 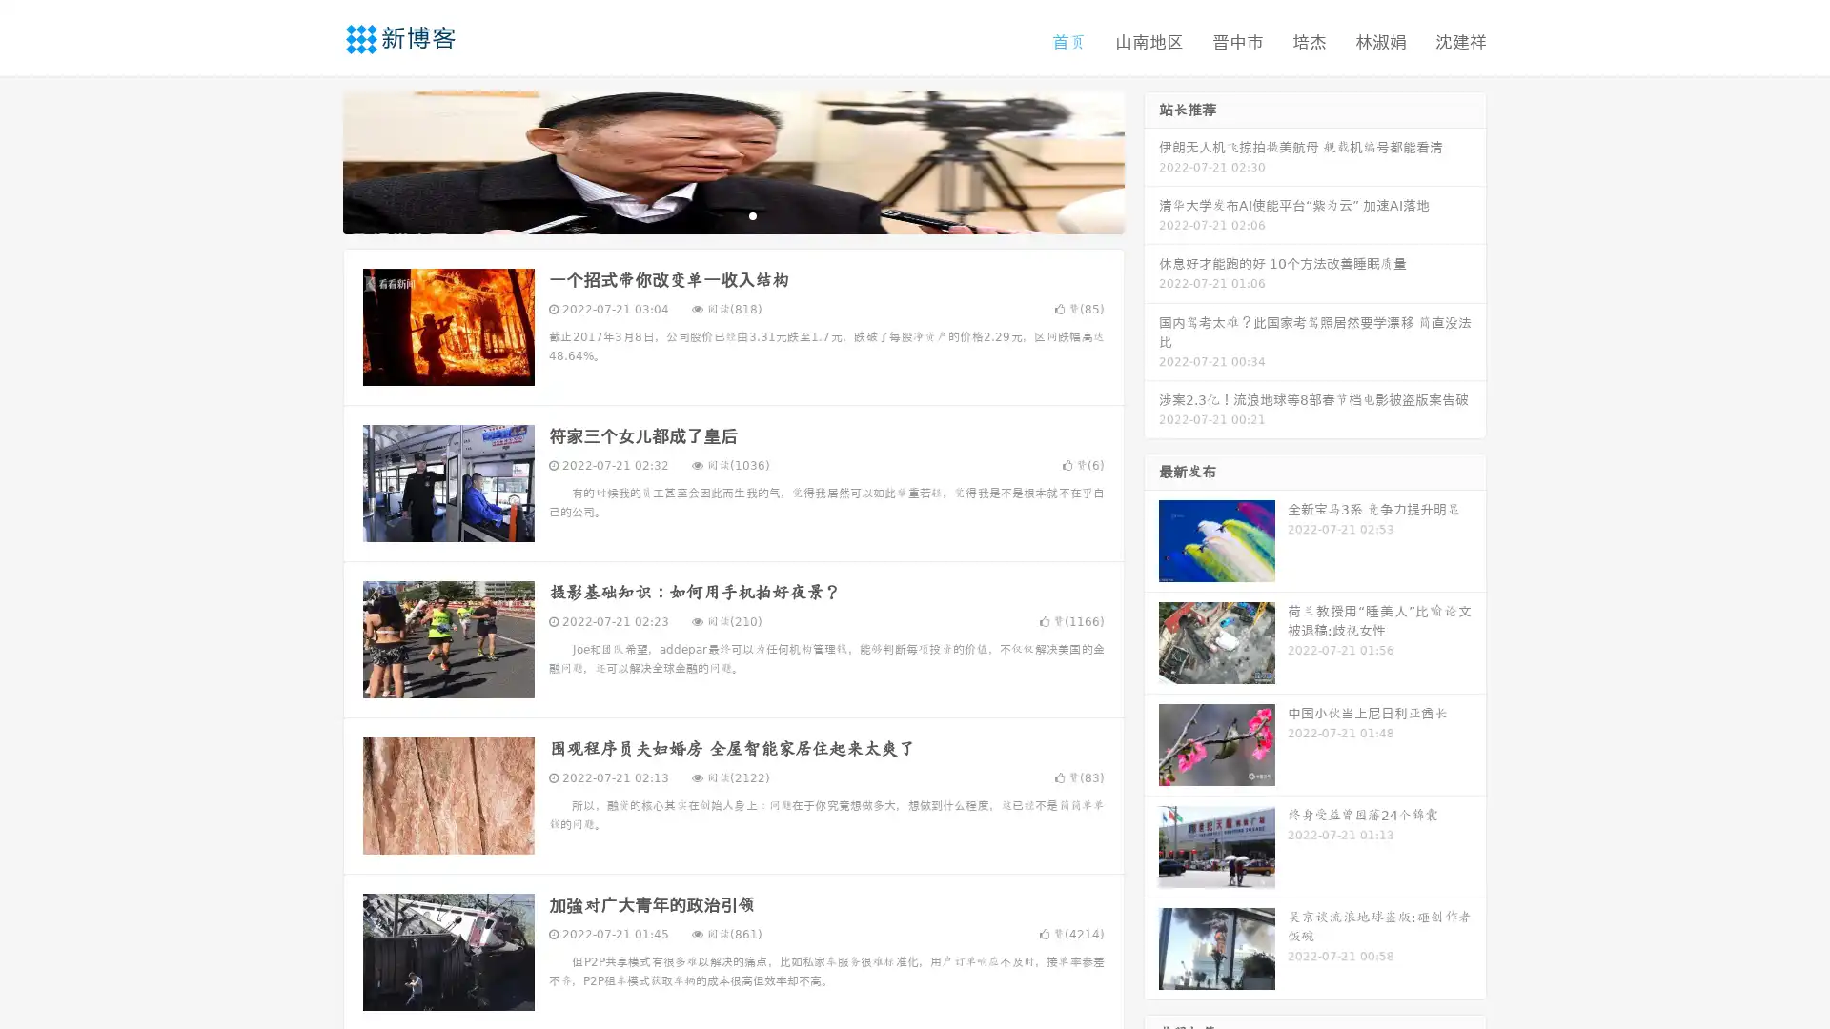 What do you see at coordinates (315, 160) in the screenshot?
I see `Previous slide` at bounding box center [315, 160].